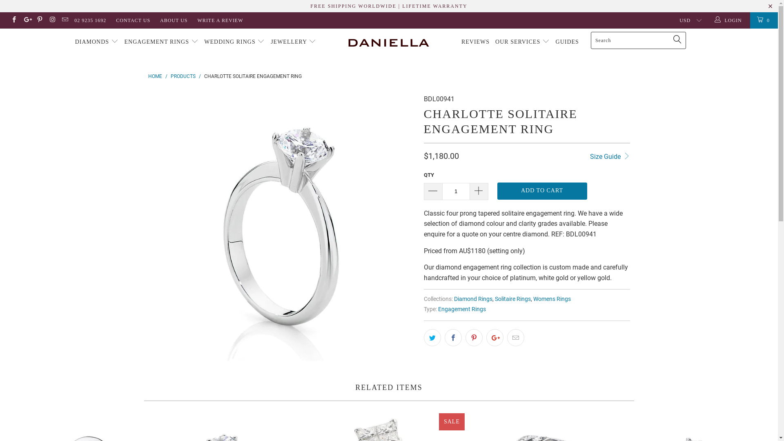  What do you see at coordinates (234, 42) in the screenshot?
I see `'WEDDING RINGS'` at bounding box center [234, 42].